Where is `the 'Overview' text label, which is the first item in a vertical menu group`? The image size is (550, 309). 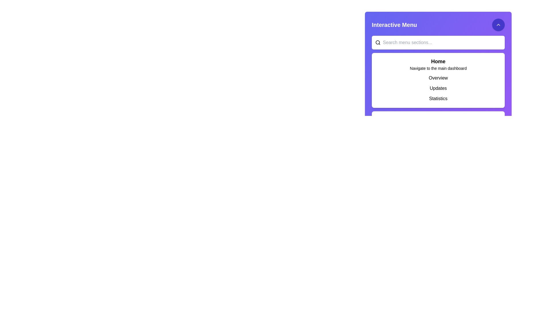
the 'Overview' text label, which is the first item in a vertical menu group is located at coordinates (438, 78).